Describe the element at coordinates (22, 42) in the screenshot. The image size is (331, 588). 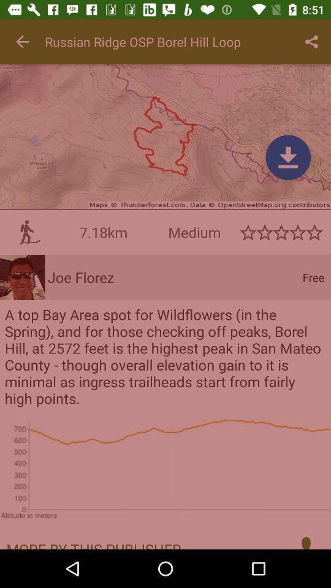
I see `icon to the left of russian ridge osp icon` at that location.